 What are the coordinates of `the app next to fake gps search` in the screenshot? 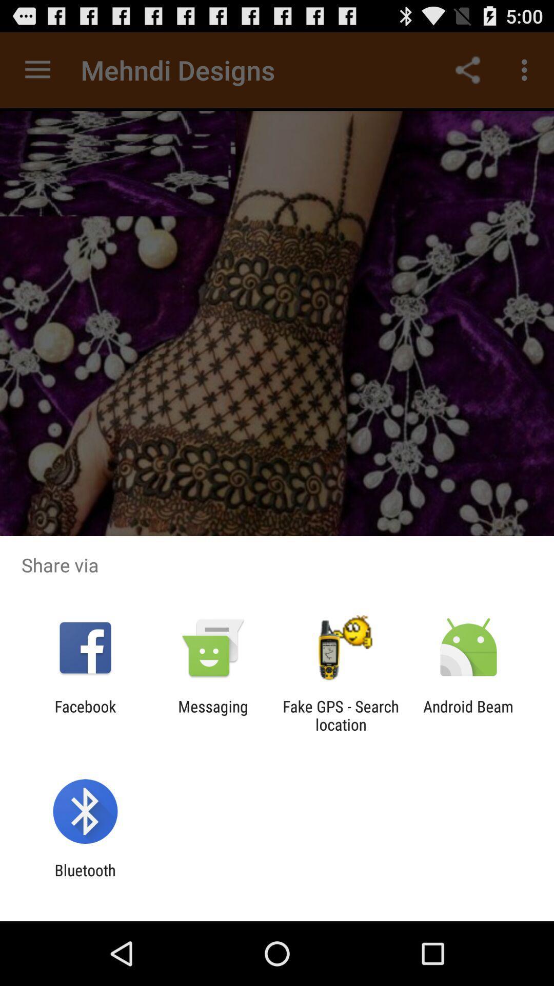 It's located at (468, 715).